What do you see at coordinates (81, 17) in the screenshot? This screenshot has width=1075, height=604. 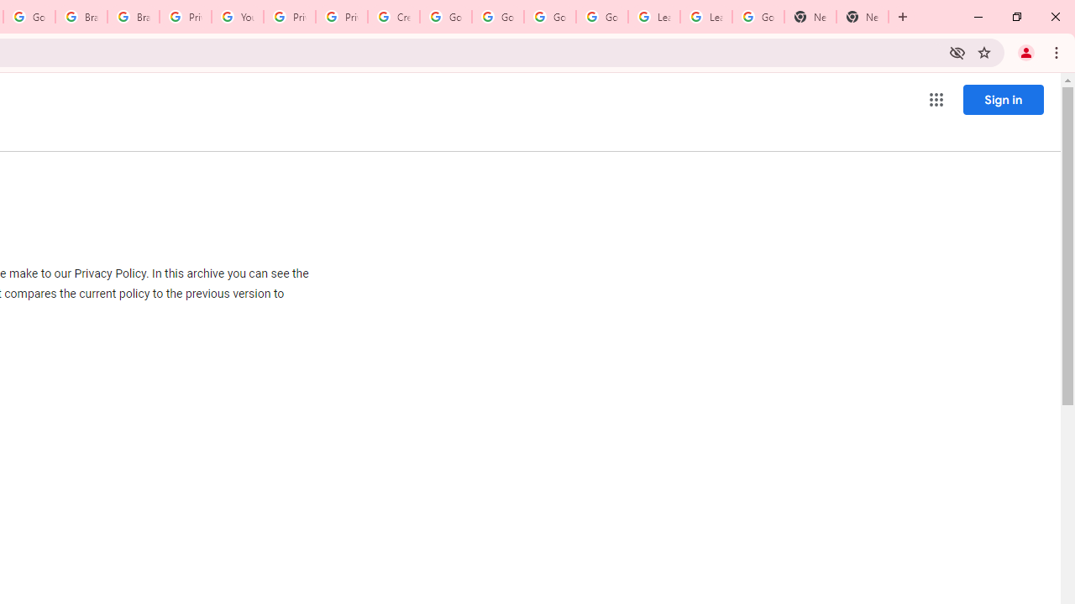 I see `'Brand Resource Center'` at bounding box center [81, 17].